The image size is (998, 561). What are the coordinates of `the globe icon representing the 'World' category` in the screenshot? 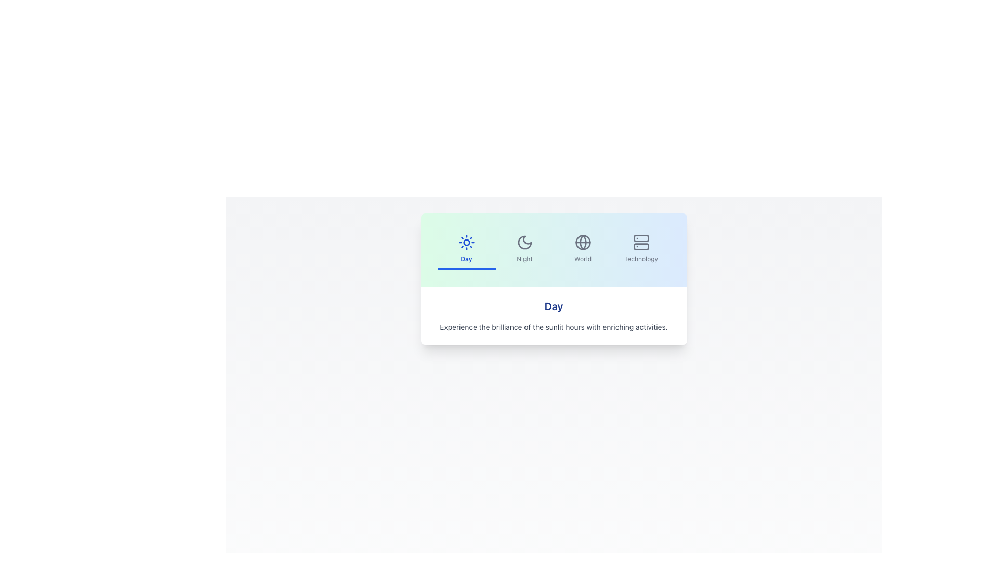 It's located at (583, 242).